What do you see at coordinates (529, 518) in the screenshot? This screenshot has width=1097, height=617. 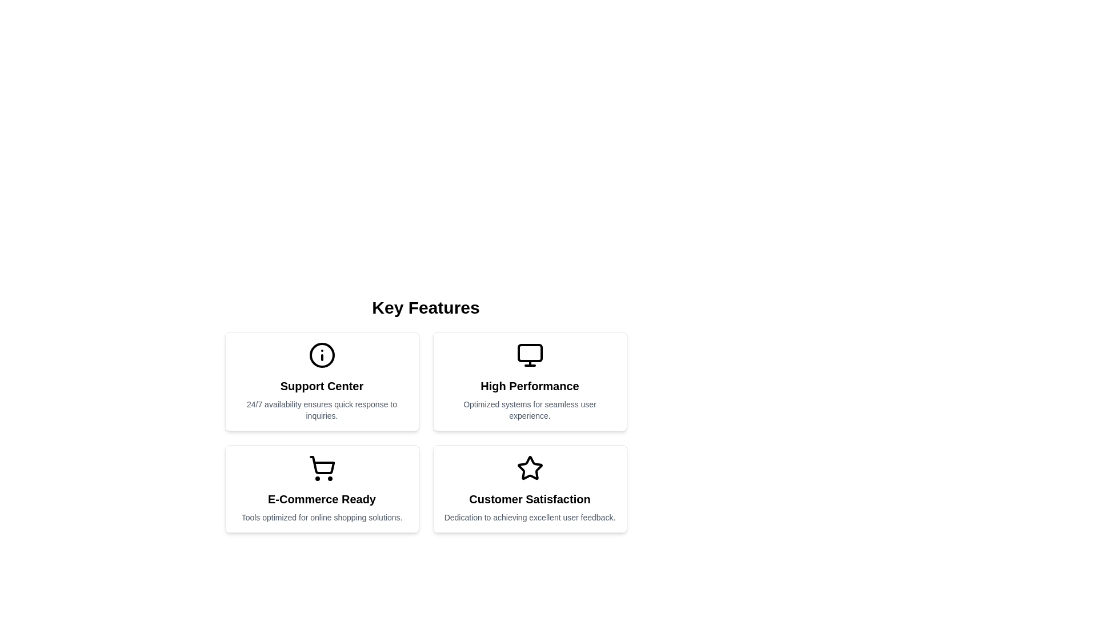 I see `the static text located at the bottom center of the 'Customer Satisfaction' card, which provides descriptive context for the title` at bounding box center [529, 518].